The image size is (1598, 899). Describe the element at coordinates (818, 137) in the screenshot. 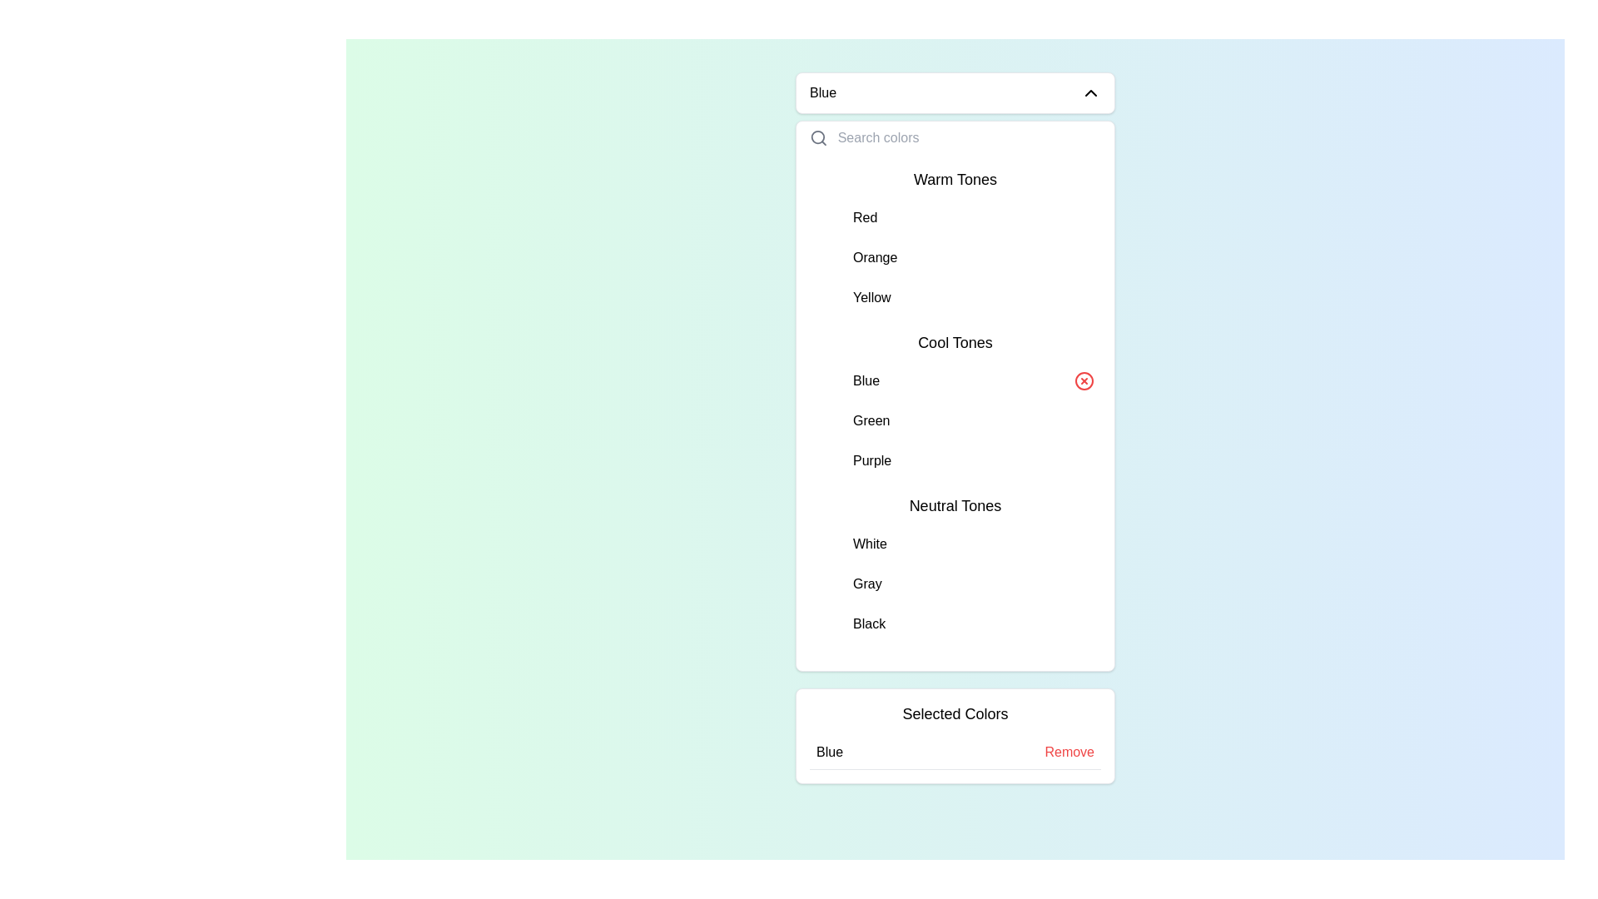

I see `the search icon located to the left of the 'Search colors' input field in the dropdown panel` at that location.